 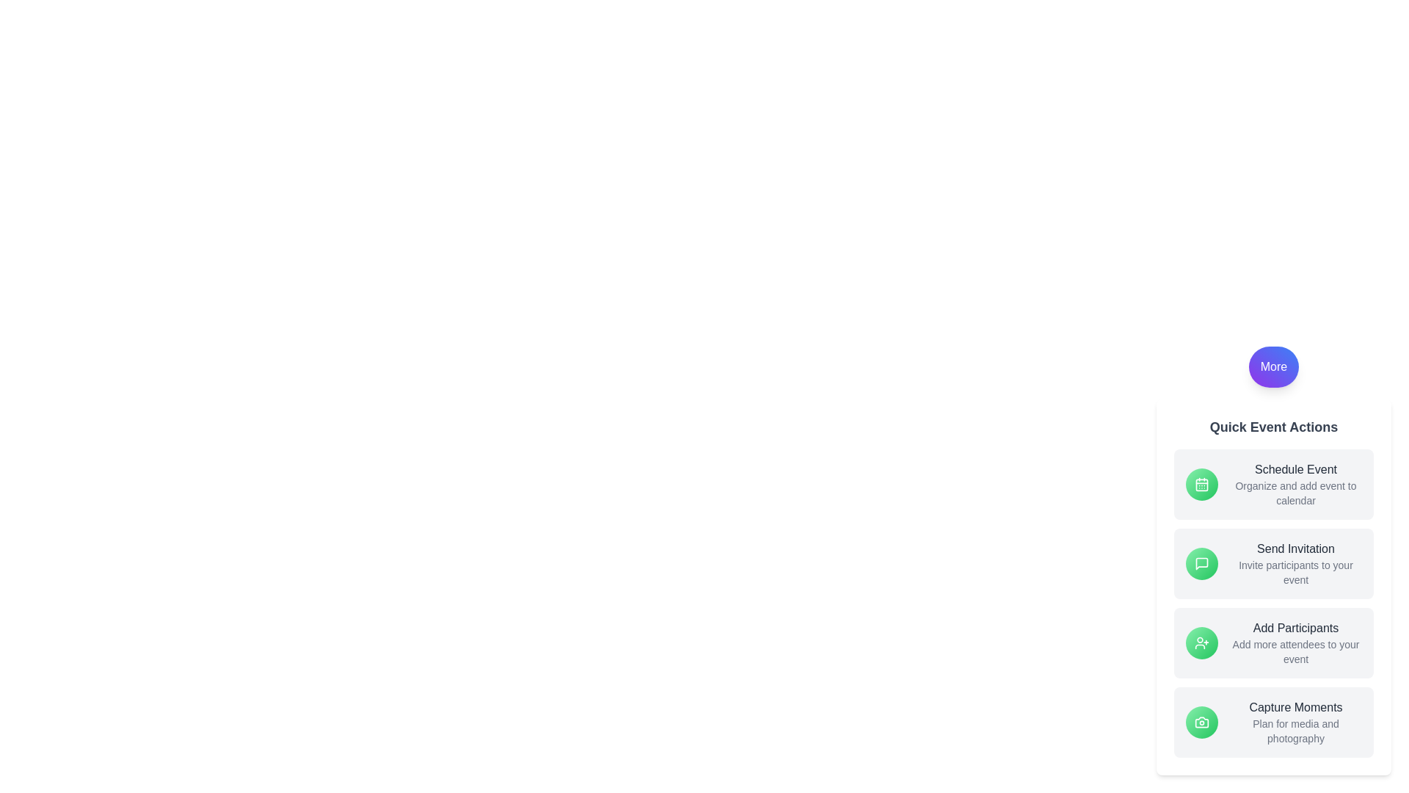 I want to click on the 'Add Participants' button, so click(x=1273, y=642).